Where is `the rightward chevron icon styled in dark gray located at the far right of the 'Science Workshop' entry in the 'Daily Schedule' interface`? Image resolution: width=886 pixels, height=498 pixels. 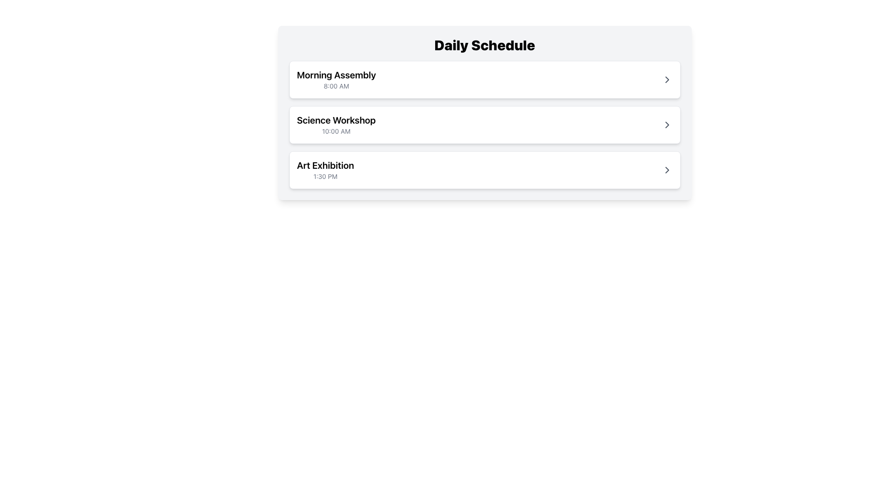 the rightward chevron icon styled in dark gray located at the far right of the 'Science Workshop' entry in the 'Daily Schedule' interface is located at coordinates (667, 125).